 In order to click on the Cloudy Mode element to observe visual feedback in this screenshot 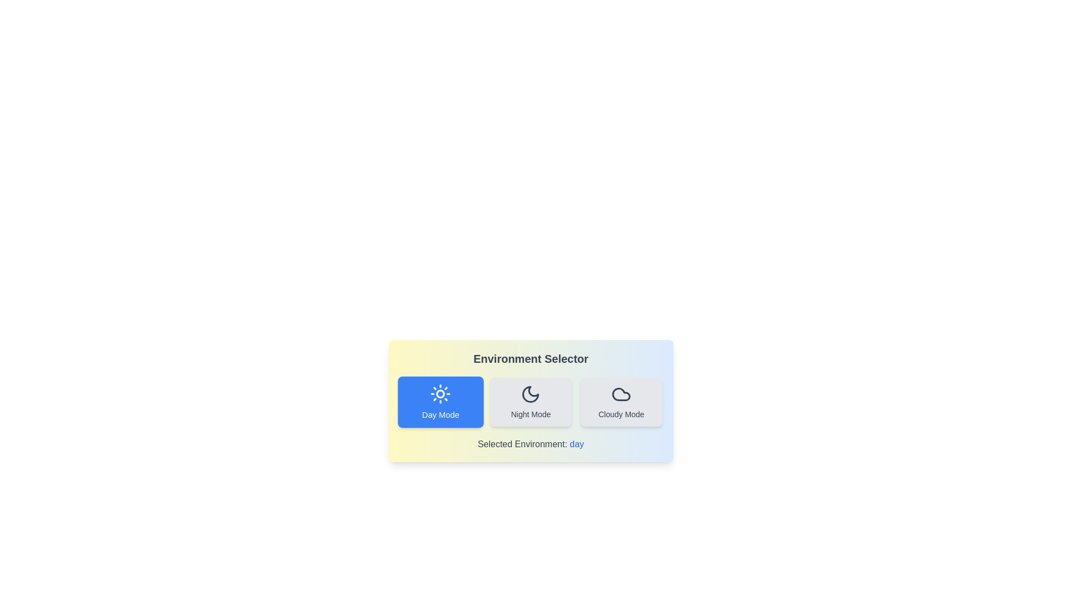, I will do `click(621, 402)`.